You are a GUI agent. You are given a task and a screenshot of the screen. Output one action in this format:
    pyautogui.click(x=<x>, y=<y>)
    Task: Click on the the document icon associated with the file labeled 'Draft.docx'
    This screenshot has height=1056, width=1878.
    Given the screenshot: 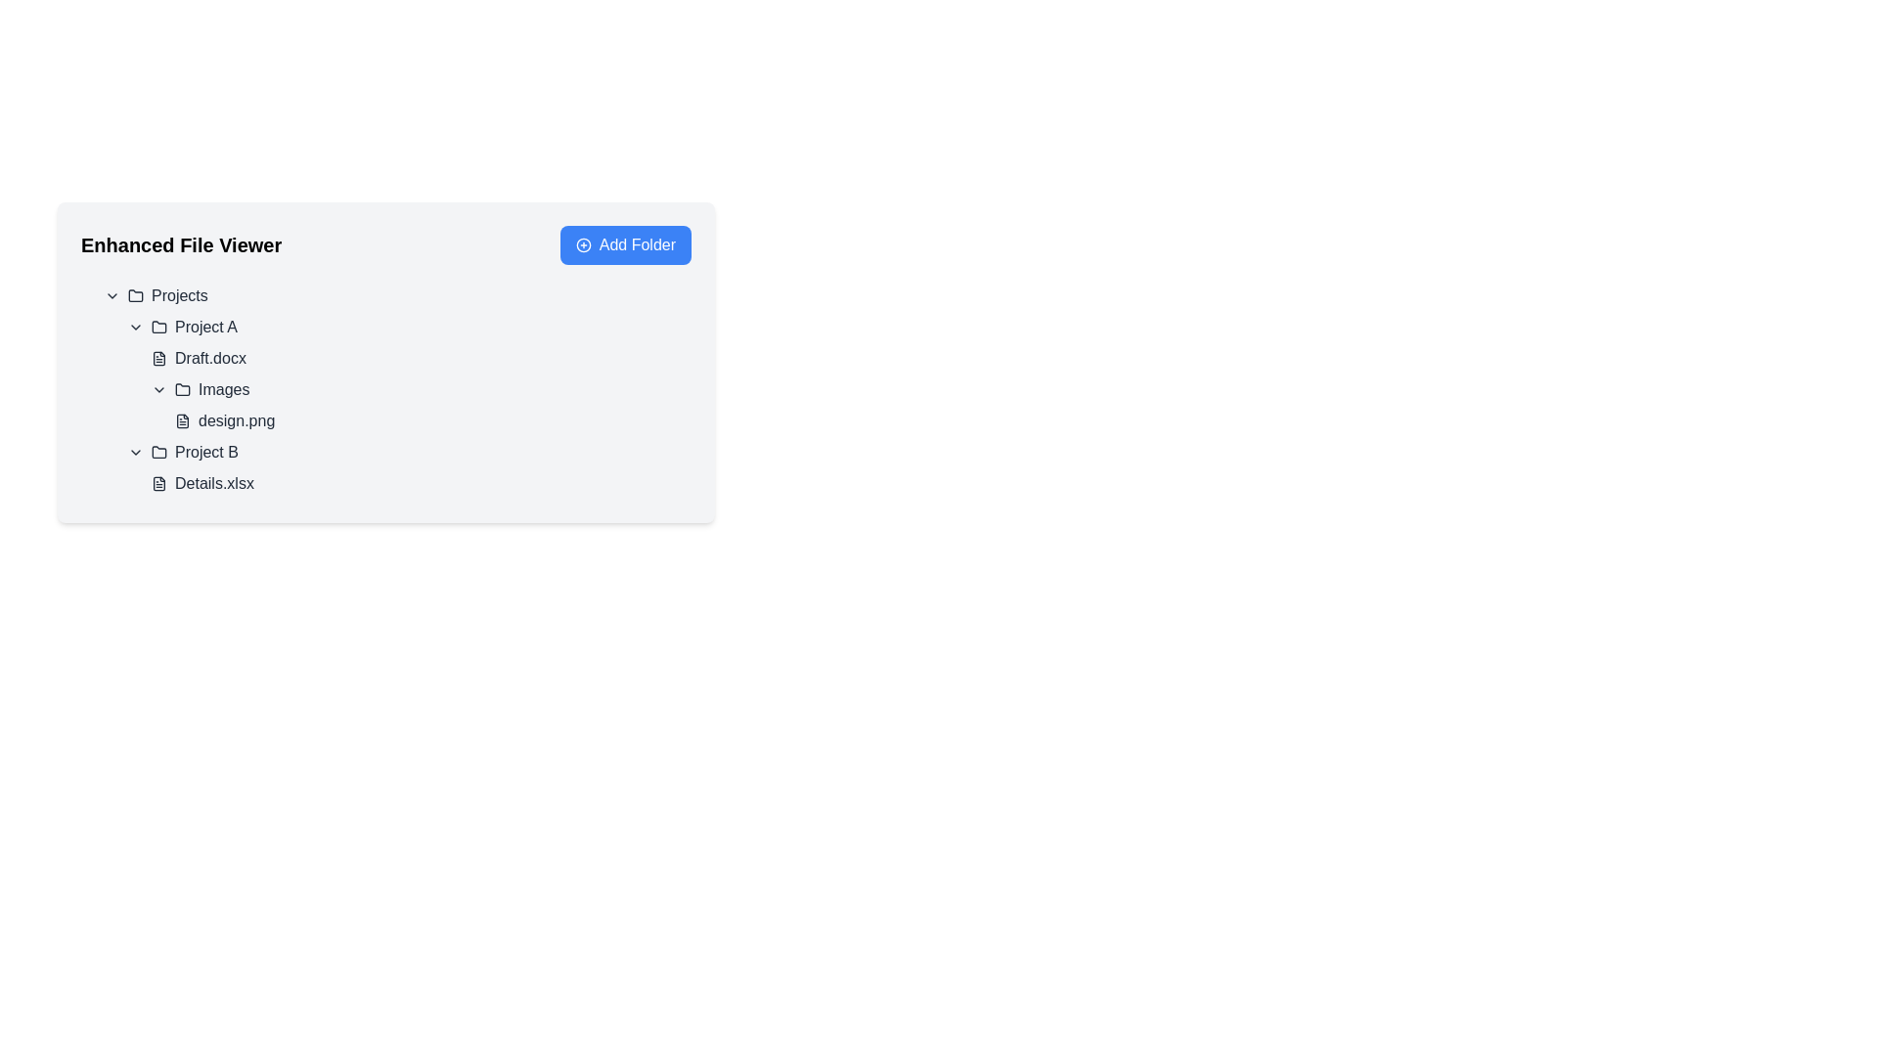 What is the action you would take?
    pyautogui.click(x=159, y=358)
    